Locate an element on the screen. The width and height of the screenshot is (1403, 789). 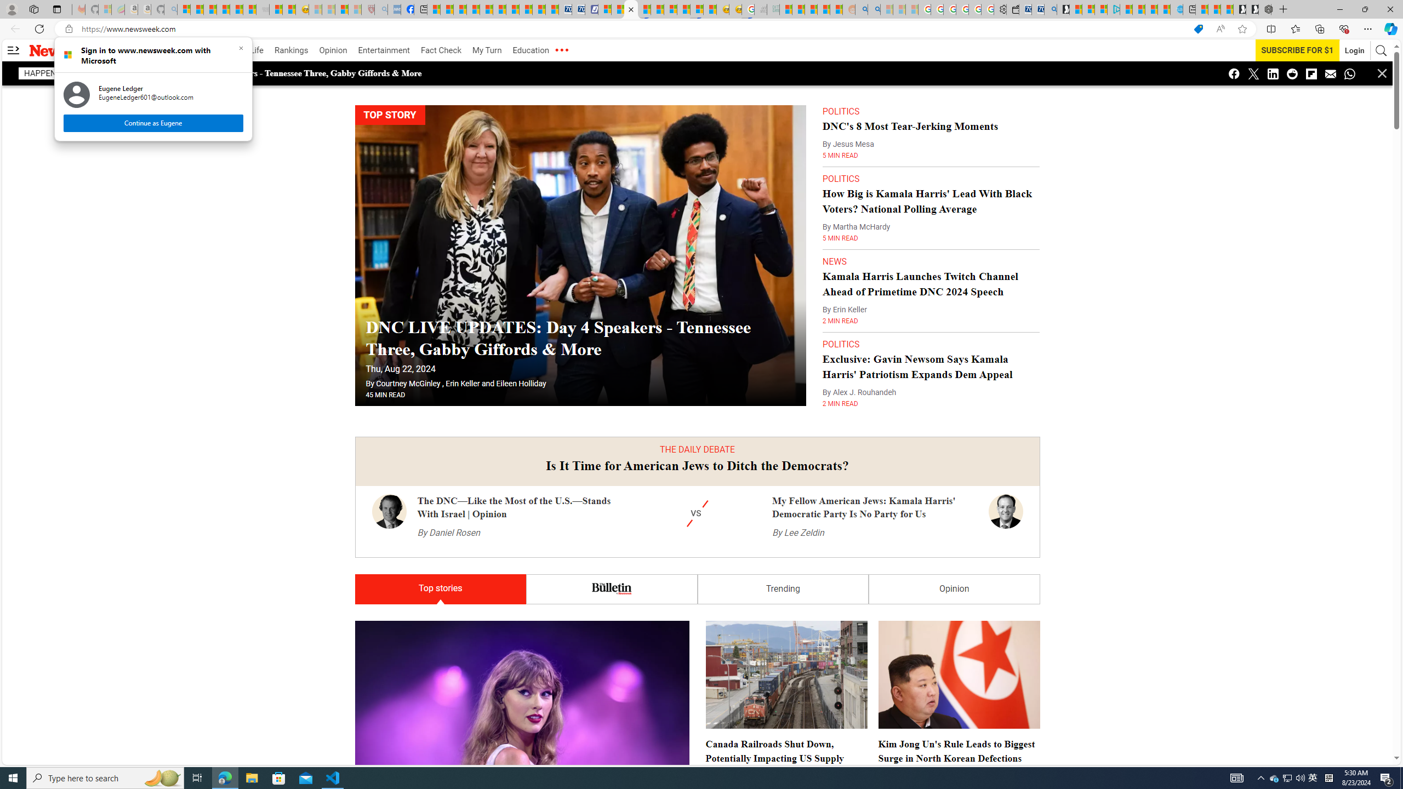
'Subscribe to our service' is located at coordinates (1298, 50).